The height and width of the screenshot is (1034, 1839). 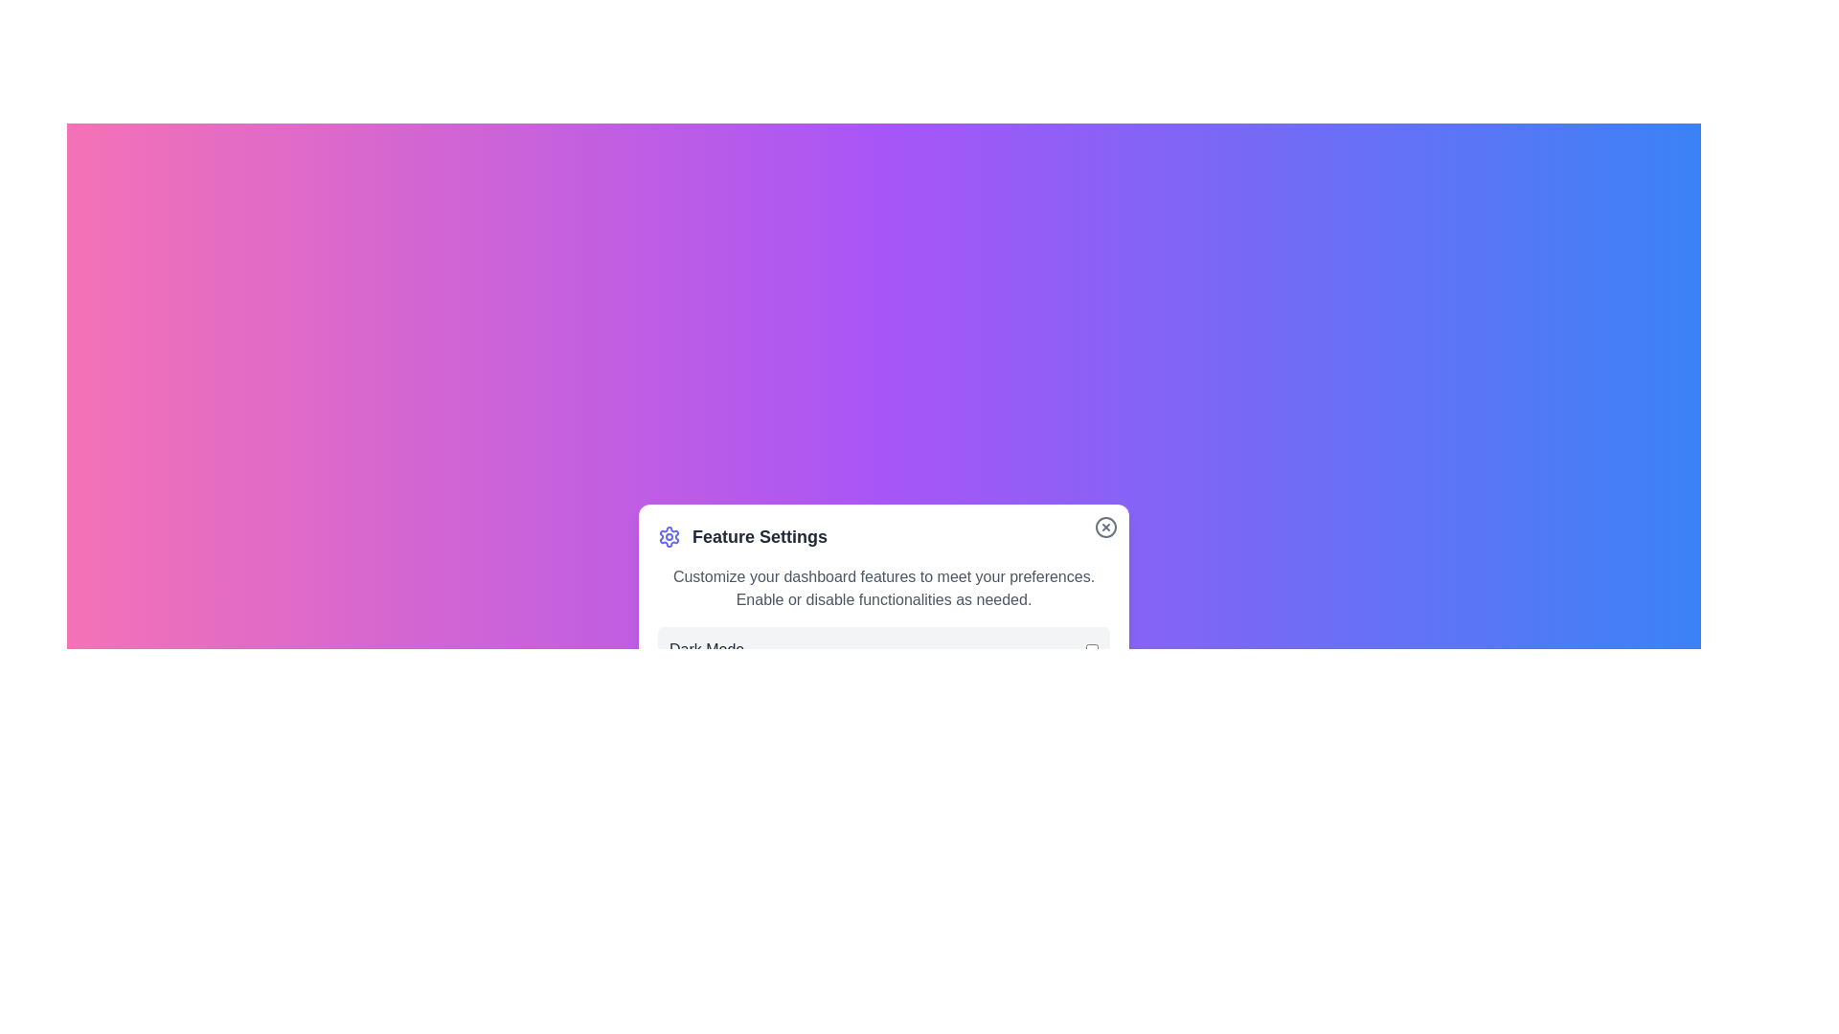 I want to click on the label indicating the dark mode functionality in the 'Feature Settings' section, positioned at the bottom and aligned to the left, so click(x=706, y=648).